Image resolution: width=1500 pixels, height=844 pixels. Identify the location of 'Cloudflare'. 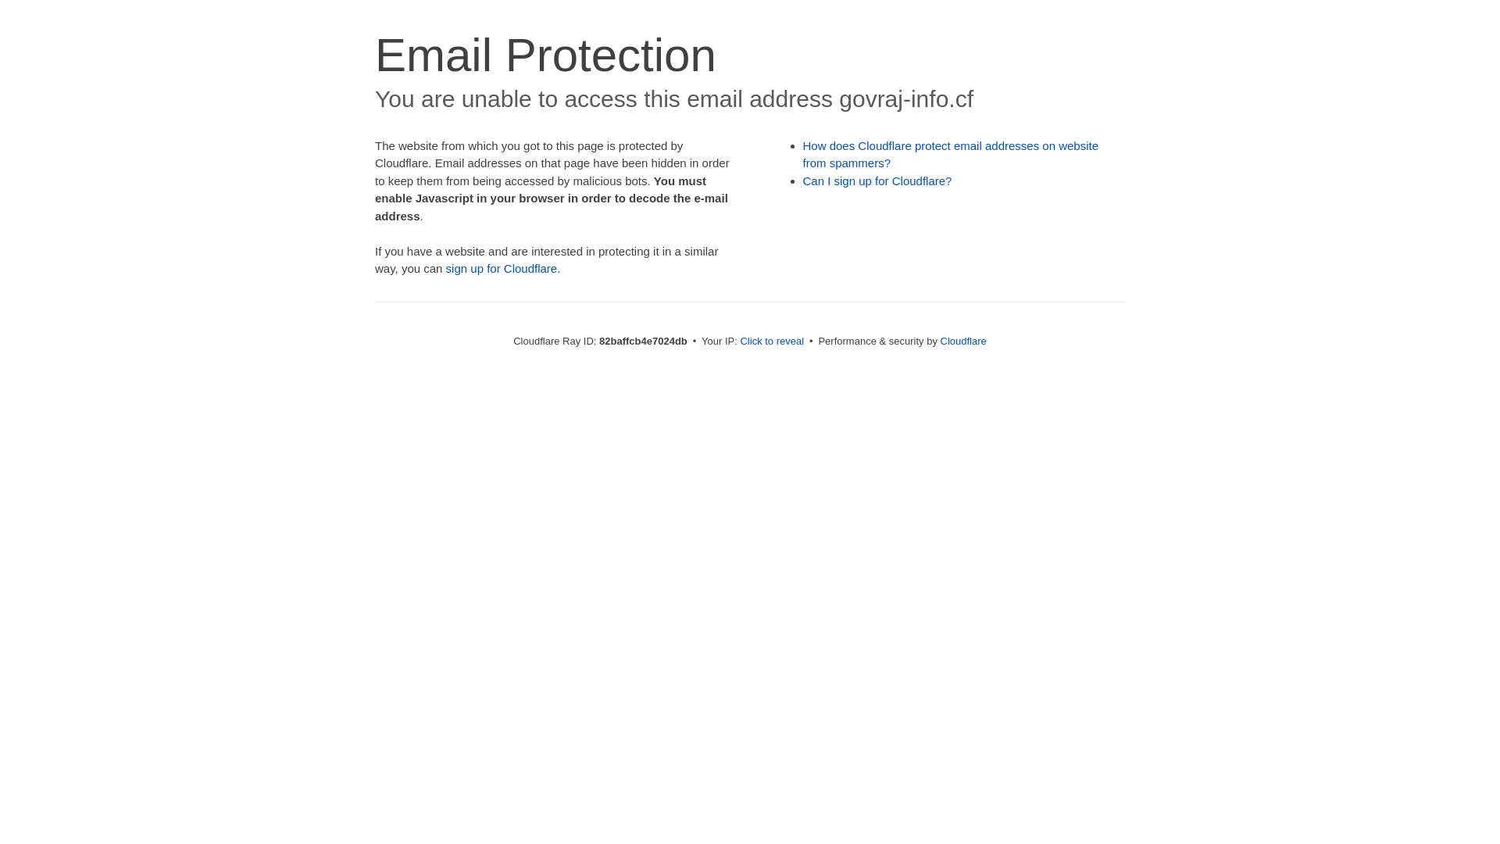
(940, 340).